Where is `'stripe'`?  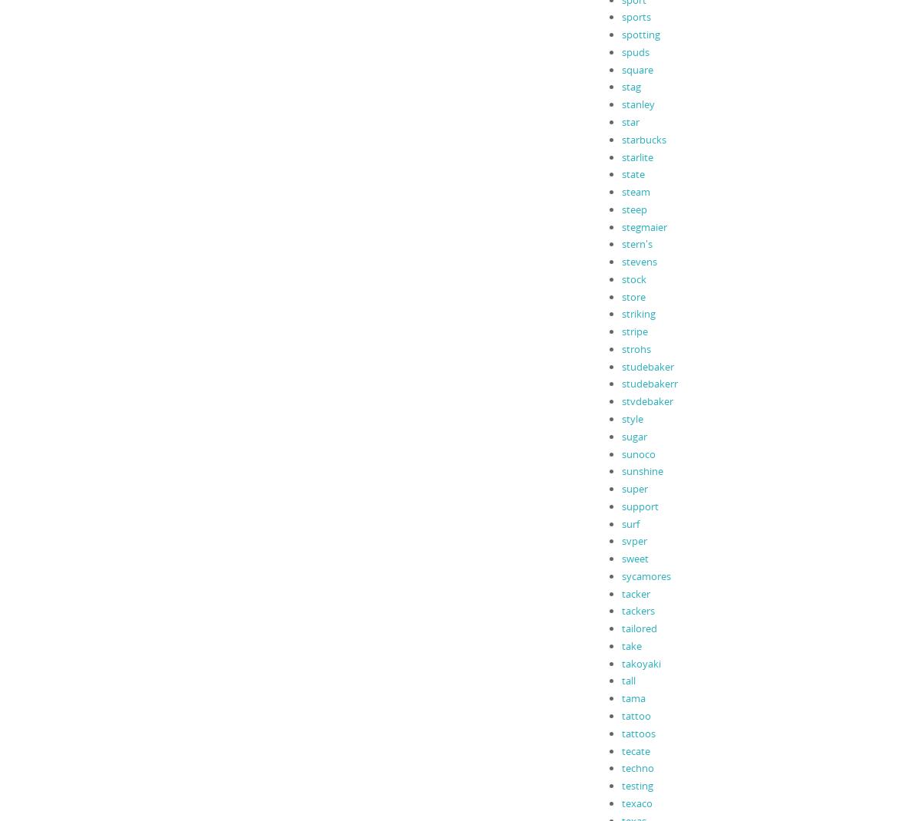 'stripe' is located at coordinates (633, 330).